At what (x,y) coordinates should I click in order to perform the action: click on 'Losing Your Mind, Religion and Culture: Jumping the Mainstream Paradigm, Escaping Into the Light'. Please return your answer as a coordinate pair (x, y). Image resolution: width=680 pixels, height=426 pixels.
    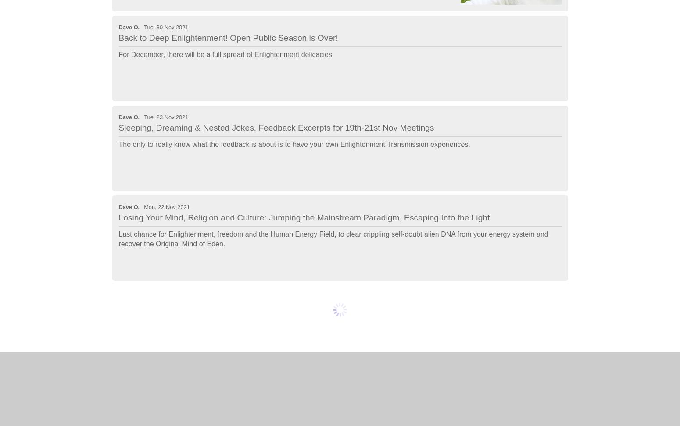
    Looking at the image, I should click on (304, 217).